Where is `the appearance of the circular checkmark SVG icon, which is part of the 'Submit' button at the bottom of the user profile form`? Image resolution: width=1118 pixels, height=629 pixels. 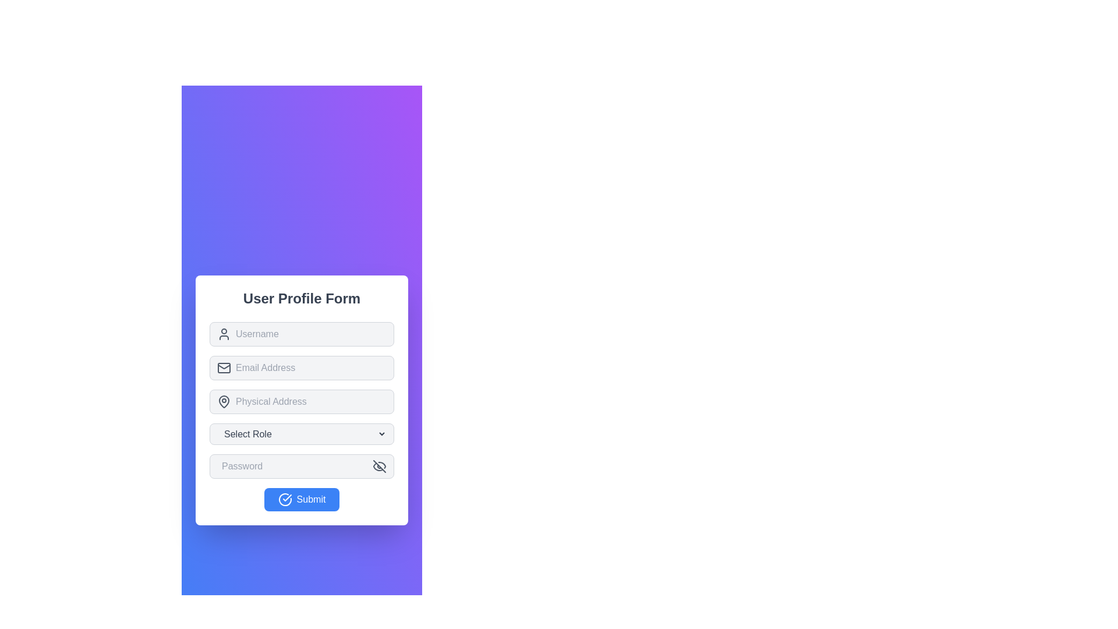
the appearance of the circular checkmark SVG icon, which is part of the 'Submit' button at the bottom of the user profile form is located at coordinates (285, 499).